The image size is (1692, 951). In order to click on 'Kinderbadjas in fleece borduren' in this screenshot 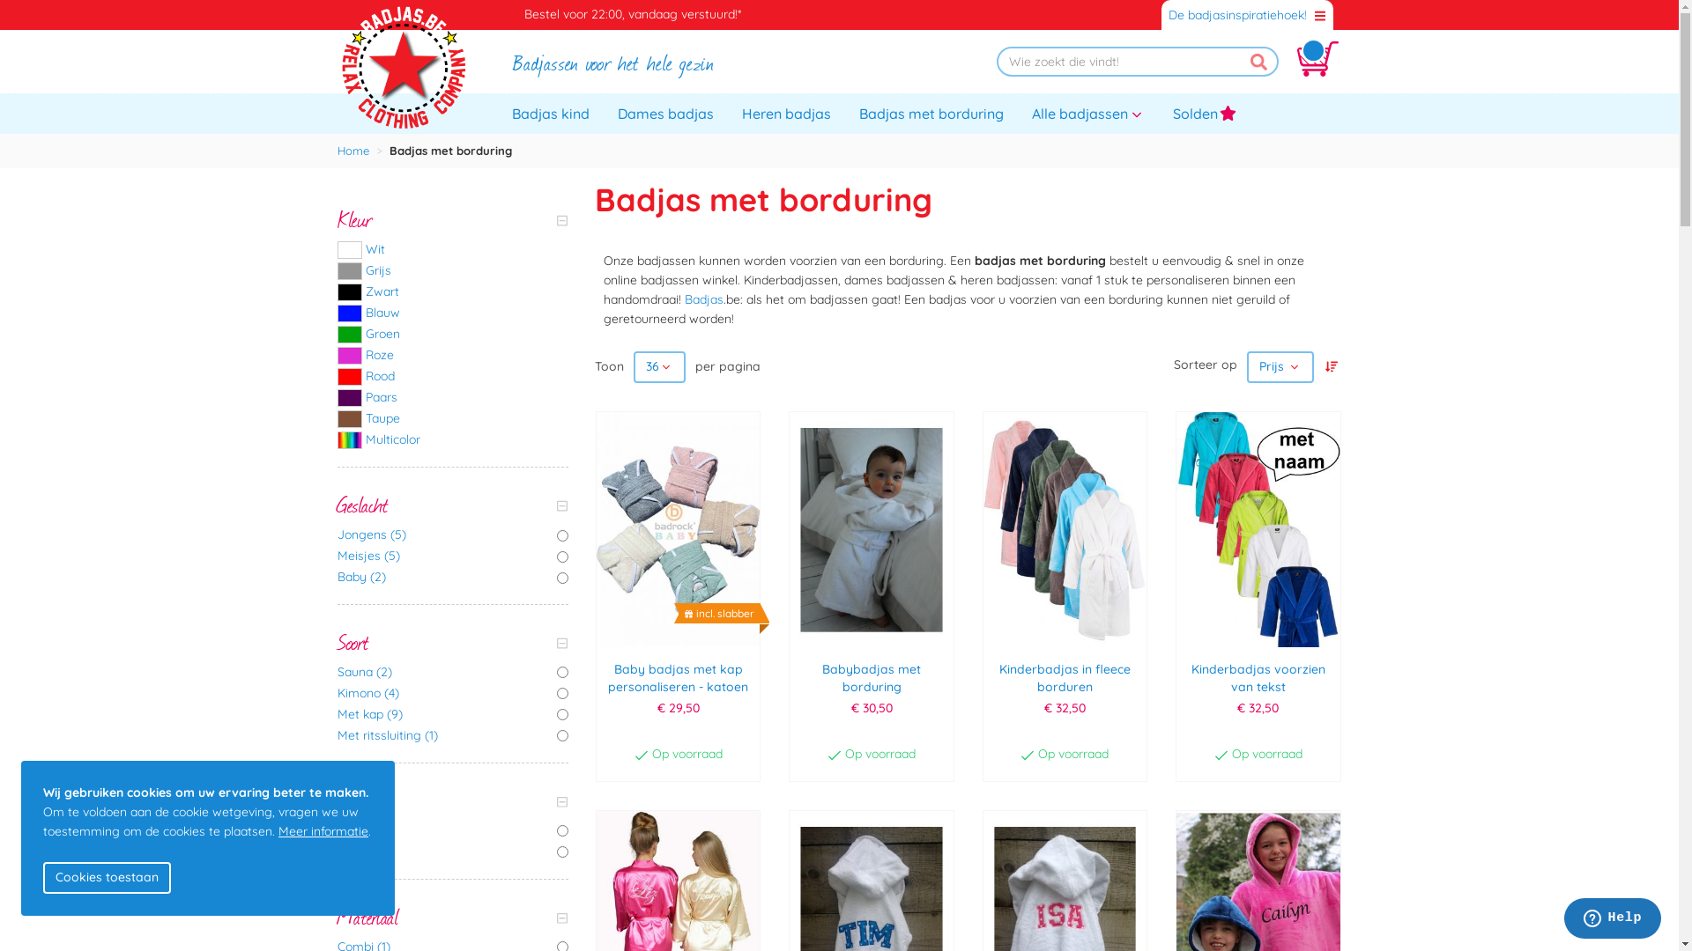, I will do `click(990, 679)`.